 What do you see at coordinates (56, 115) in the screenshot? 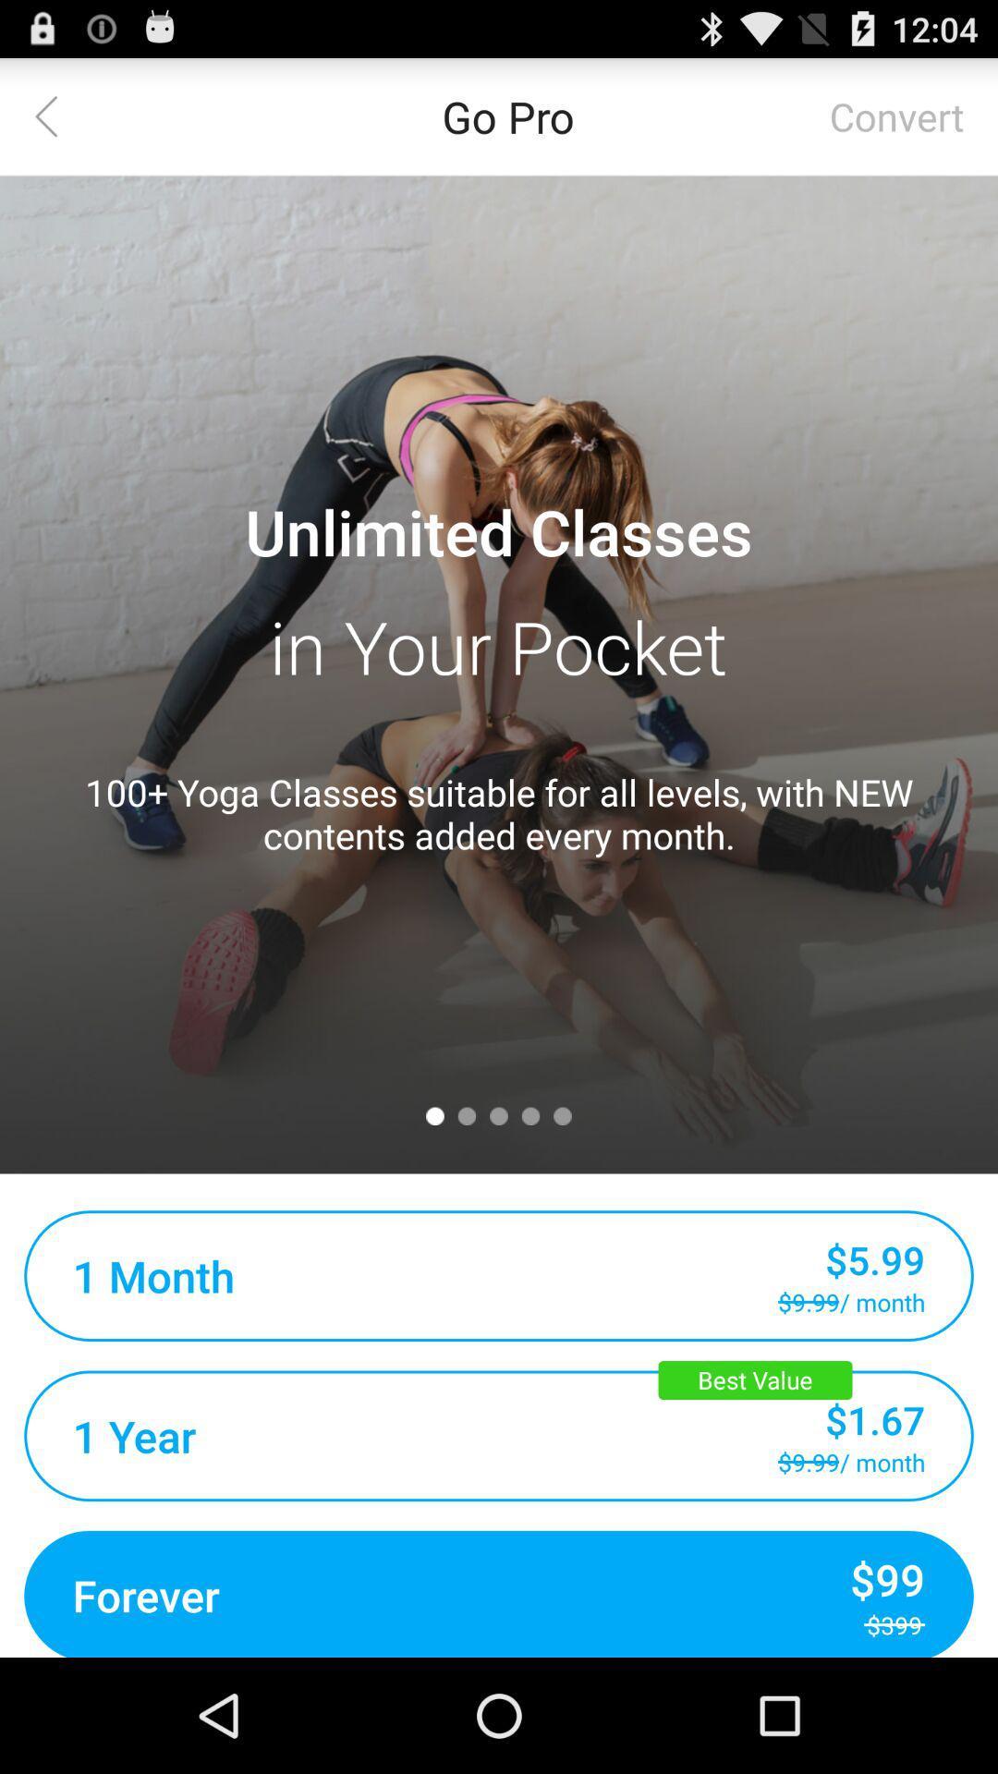
I see `back` at bounding box center [56, 115].